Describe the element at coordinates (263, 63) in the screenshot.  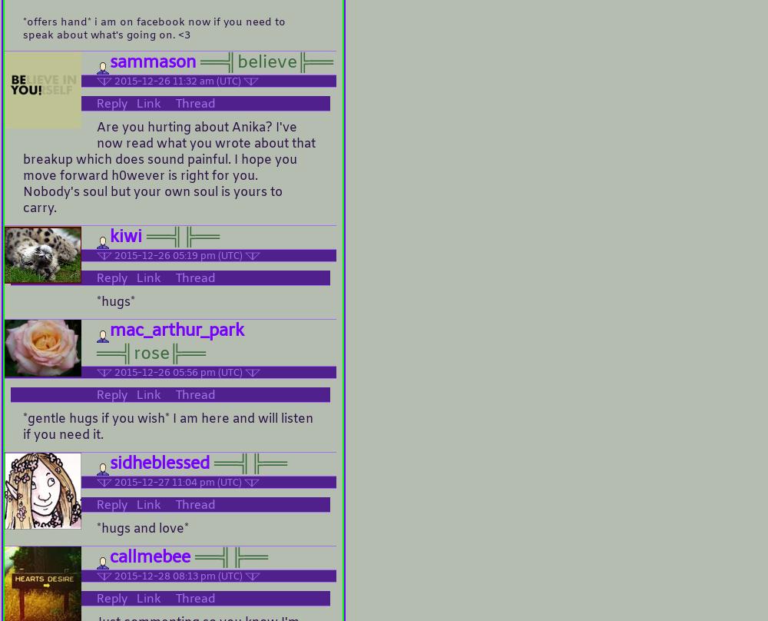
I see `'══╣believe╠══'` at that location.